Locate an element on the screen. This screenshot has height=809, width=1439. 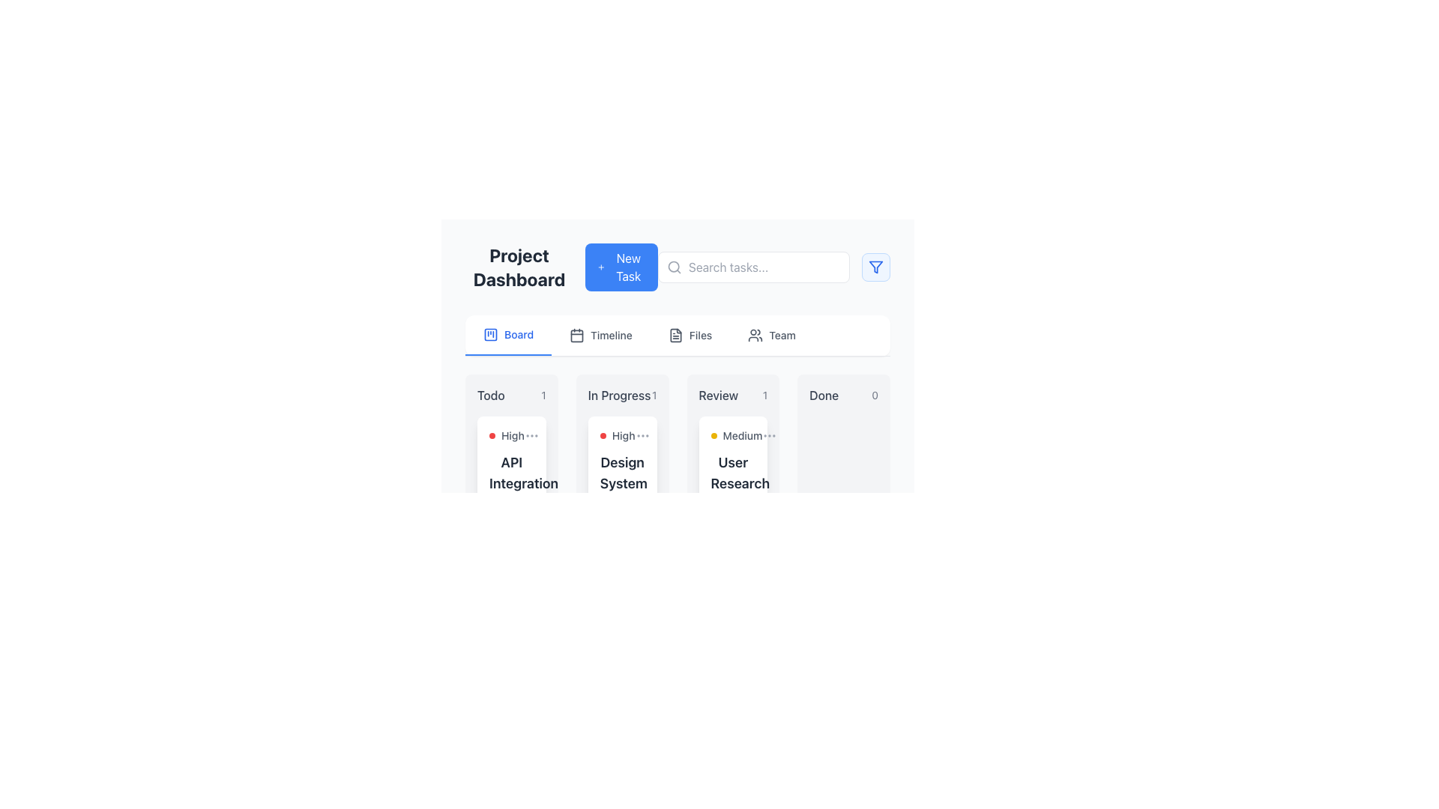
the 'Files' Navigation Tab, which is the third item in the horizontal tab group located between 'Timeline' and 'Team' is located at coordinates (690, 334).